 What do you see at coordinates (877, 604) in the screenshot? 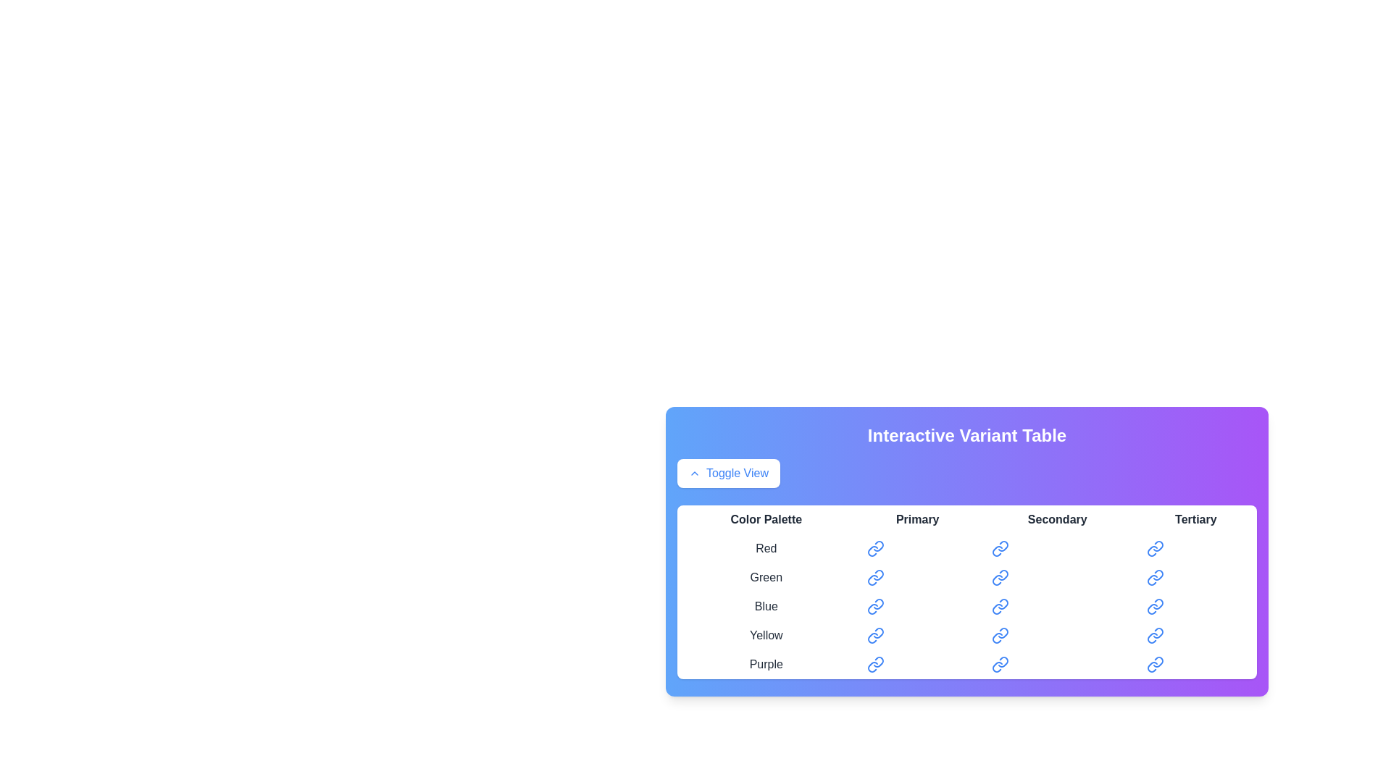
I see `the chain link icon with a blue stroke located in the 'Primary' column of the 'Blue' row in the 'Interactive Variant Table'` at bounding box center [877, 604].